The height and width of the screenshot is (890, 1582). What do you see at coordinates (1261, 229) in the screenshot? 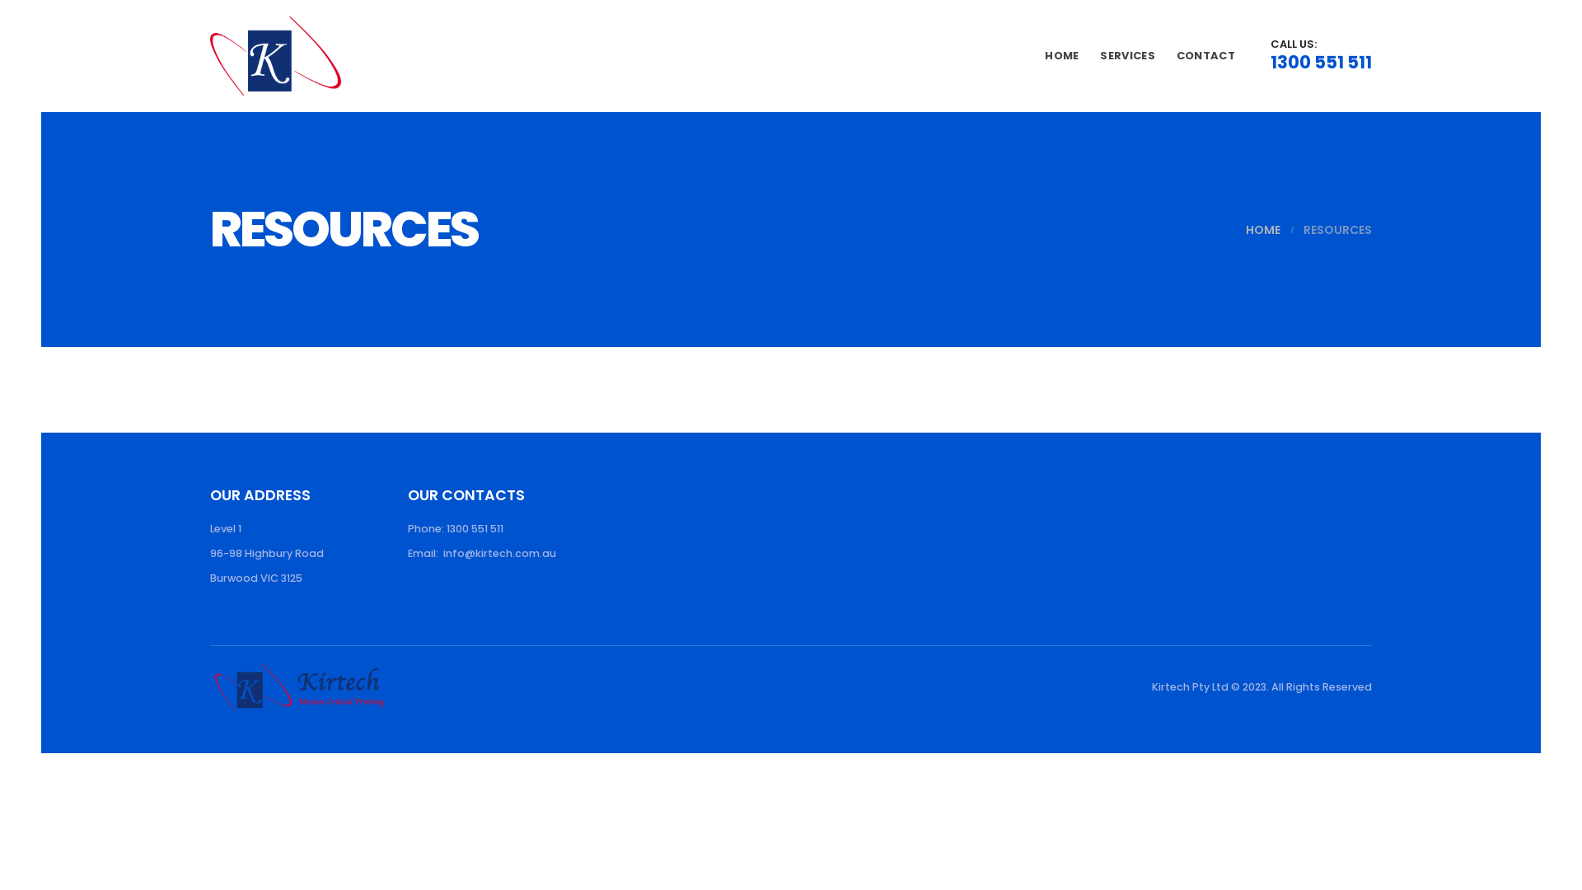
I see `'HOME'` at bounding box center [1261, 229].